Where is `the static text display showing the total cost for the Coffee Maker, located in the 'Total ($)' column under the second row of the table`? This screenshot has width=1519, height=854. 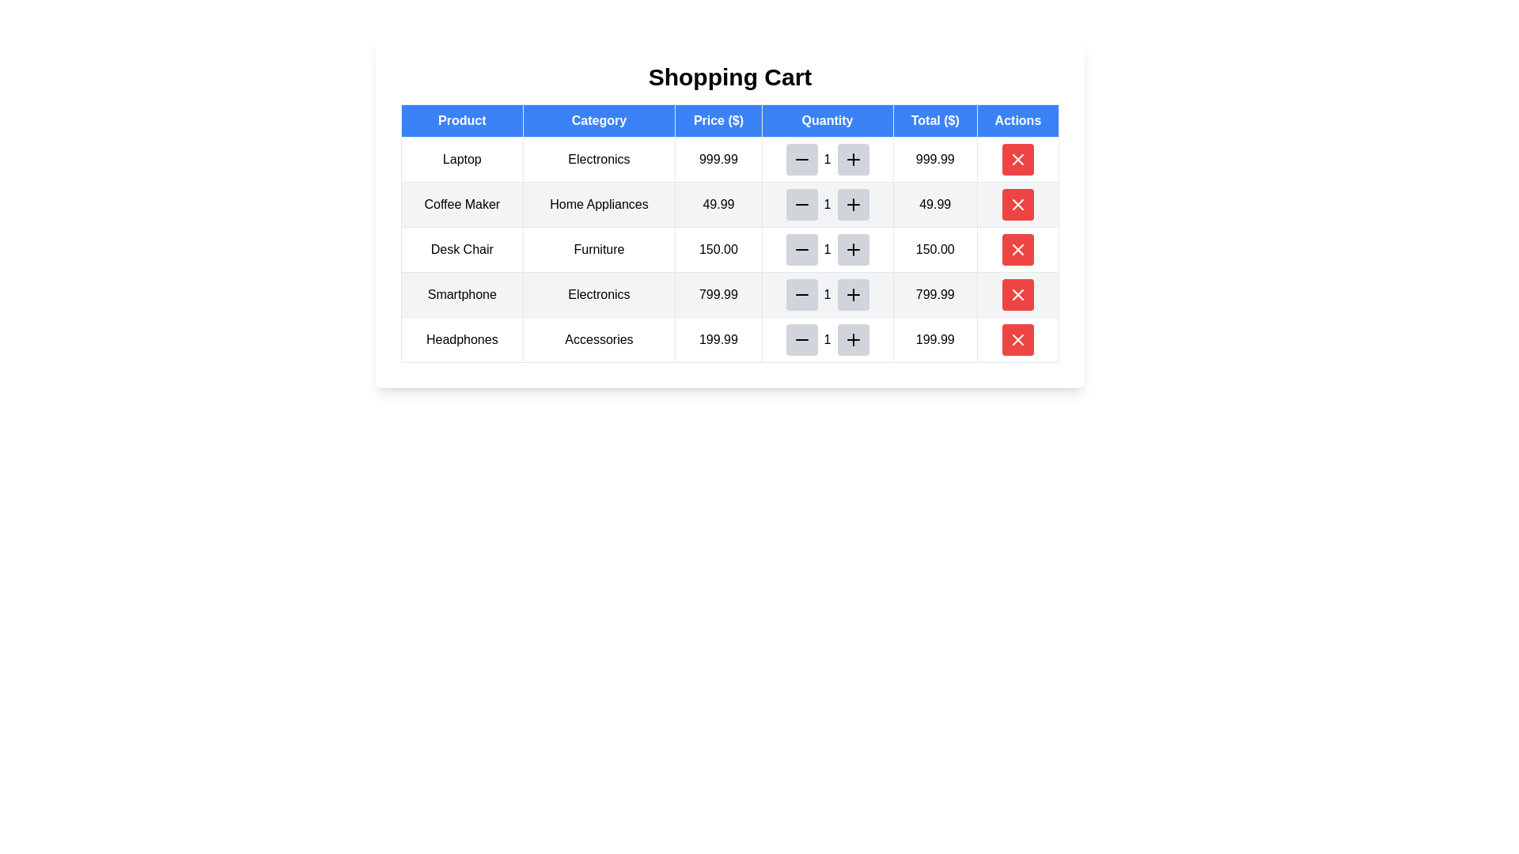 the static text display showing the total cost for the Coffee Maker, located in the 'Total ($)' column under the second row of the table is located at coordinates (935, 203).